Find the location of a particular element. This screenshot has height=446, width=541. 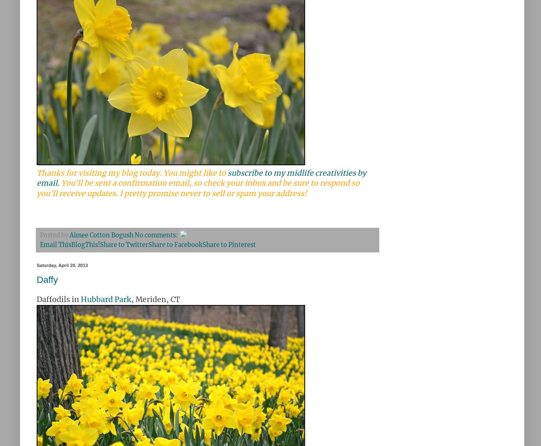

'Email This' is located at coordinates (55, 244).